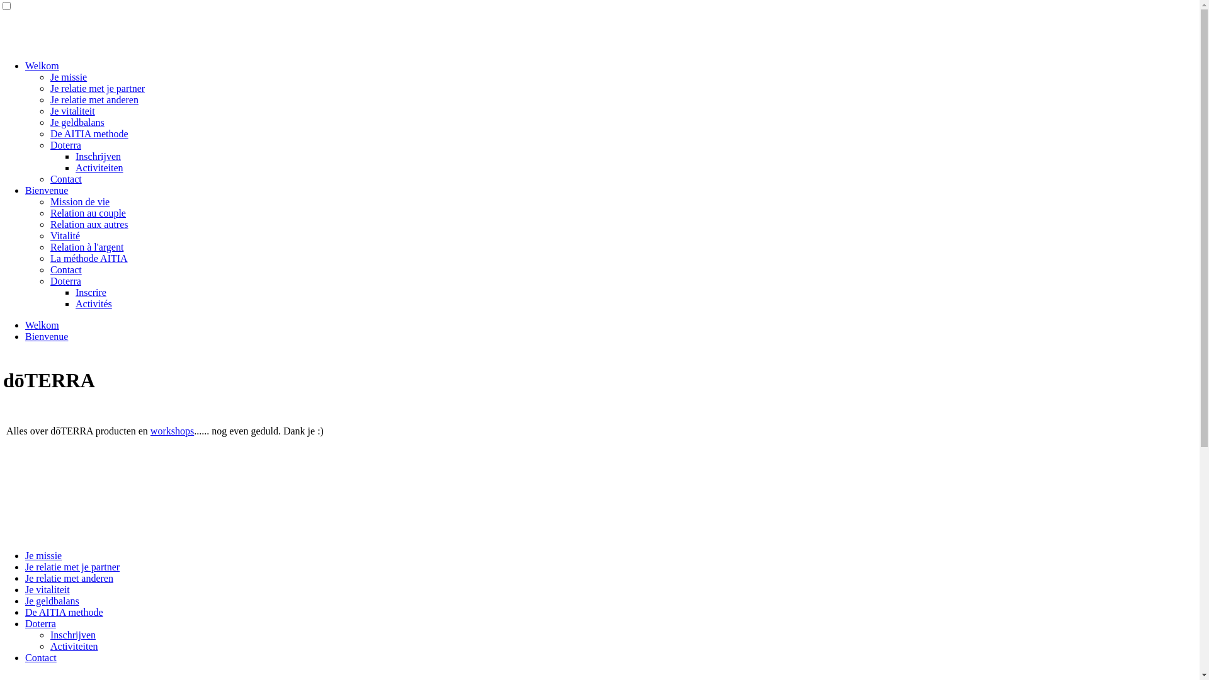 This screenshot has width=1209, height=680. I want to click on 'workshops', so click(171, 430).